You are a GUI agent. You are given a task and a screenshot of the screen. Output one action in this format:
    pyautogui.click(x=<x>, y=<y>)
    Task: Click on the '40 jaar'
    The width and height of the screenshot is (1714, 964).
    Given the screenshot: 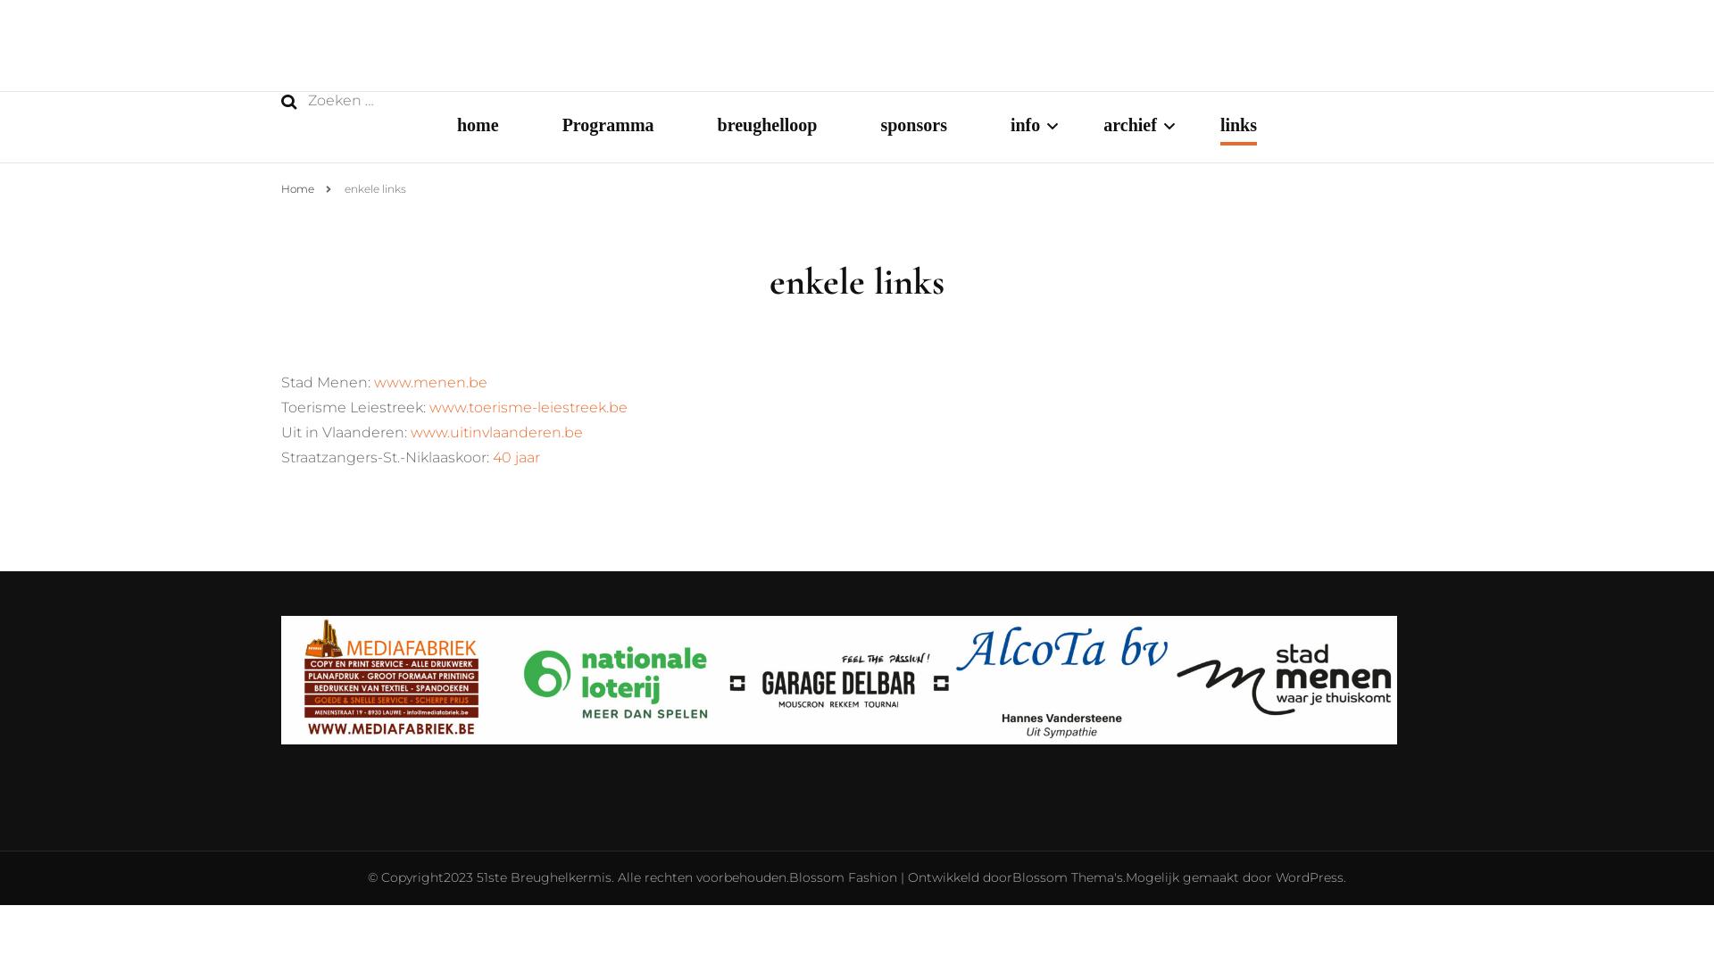 What is the action you would take?
    pyautogui.click(x=515, y=456)
    